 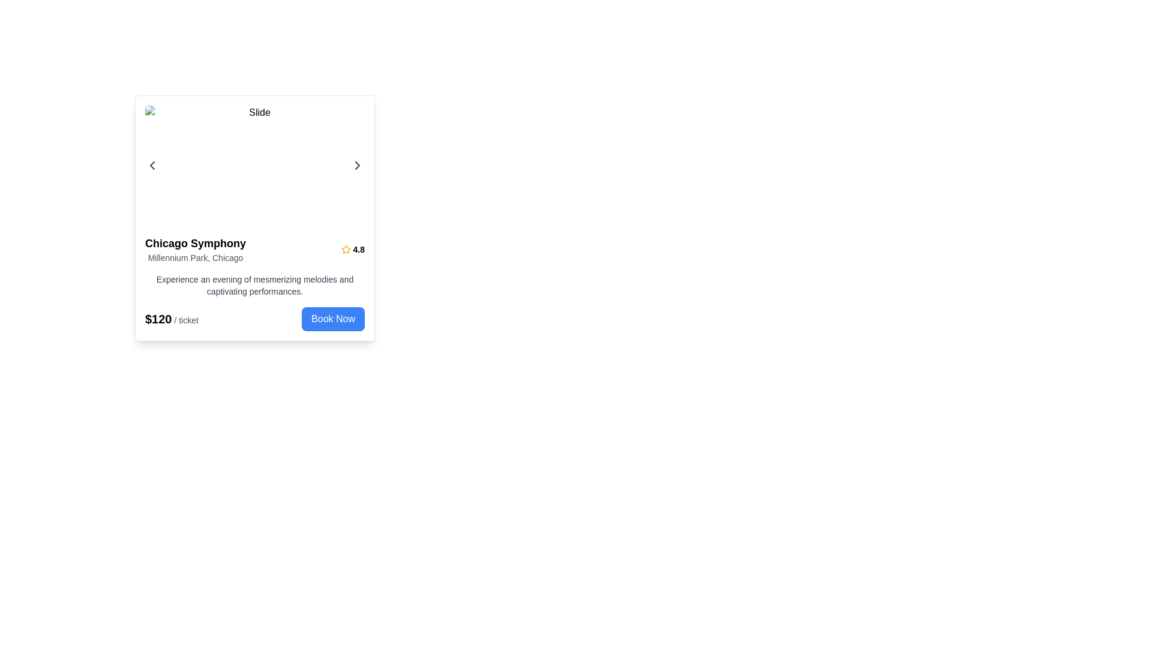 What do you see at coordinates (356, 166) in the screenshot?
I see `the small rightward-pointing chevron icon button styled in dark gray, located at the far-right side of a card component` at bounding box center [356, 166].